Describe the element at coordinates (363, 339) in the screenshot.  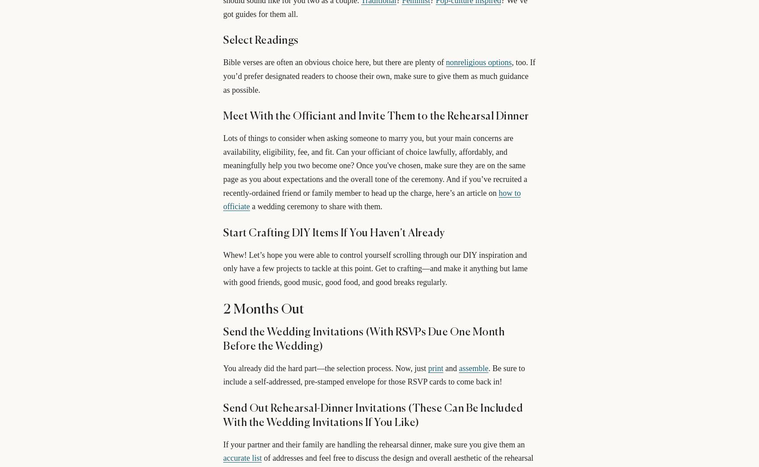
I see `'Send the Wedding Invitations (With RSVPs Due One Month Before the Wedding)'` at that location.